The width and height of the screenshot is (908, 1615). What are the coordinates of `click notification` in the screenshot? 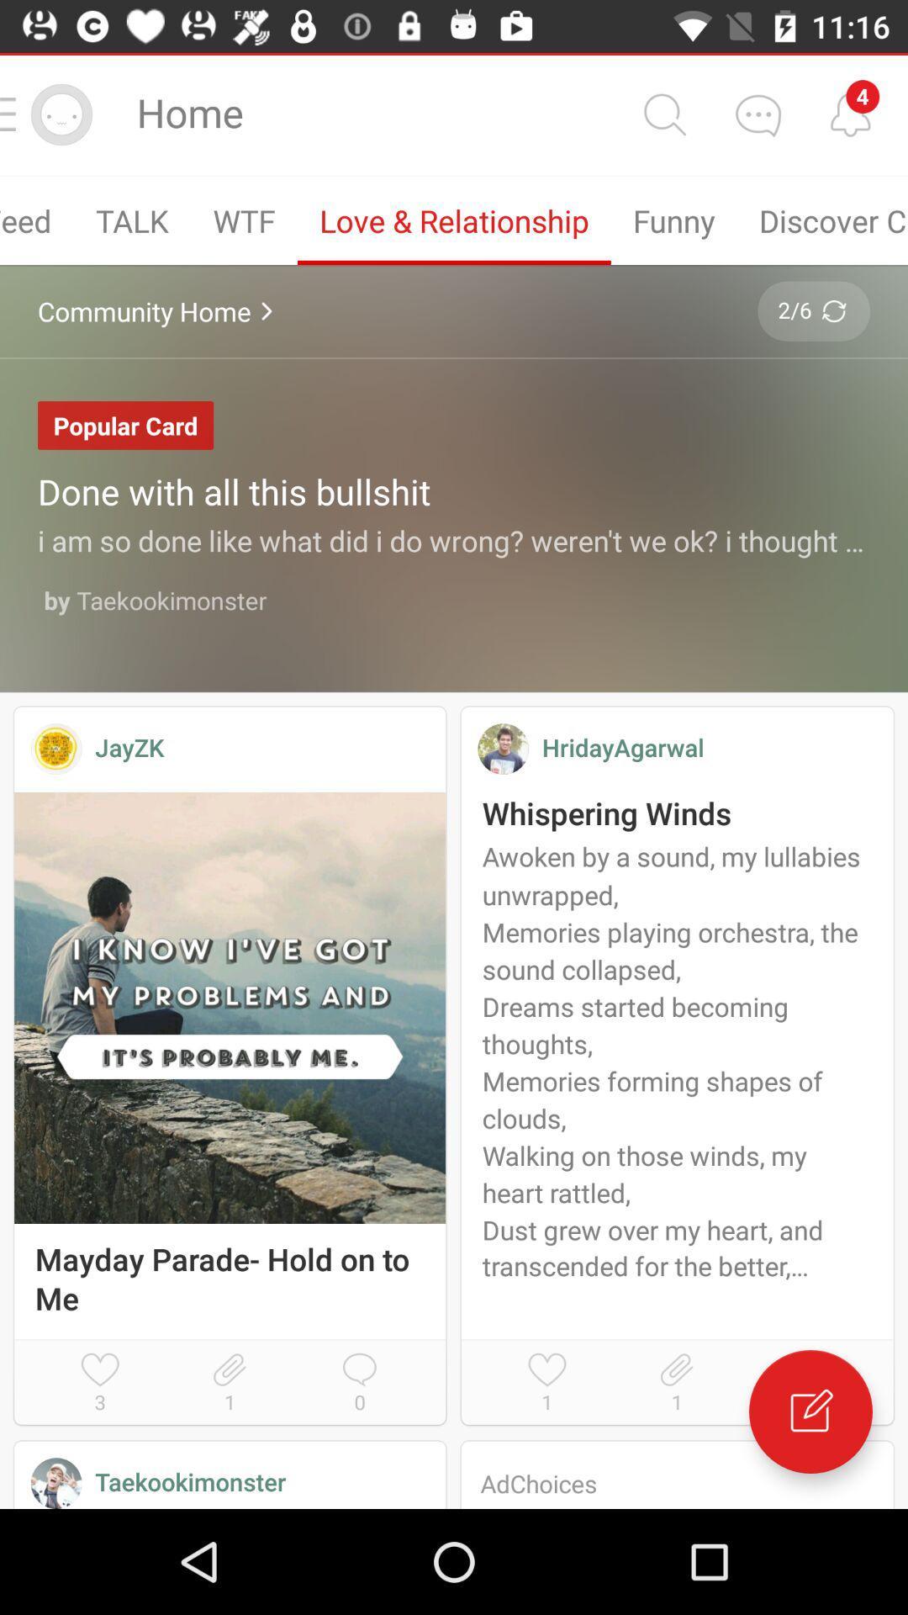 It's located at (850, 114).